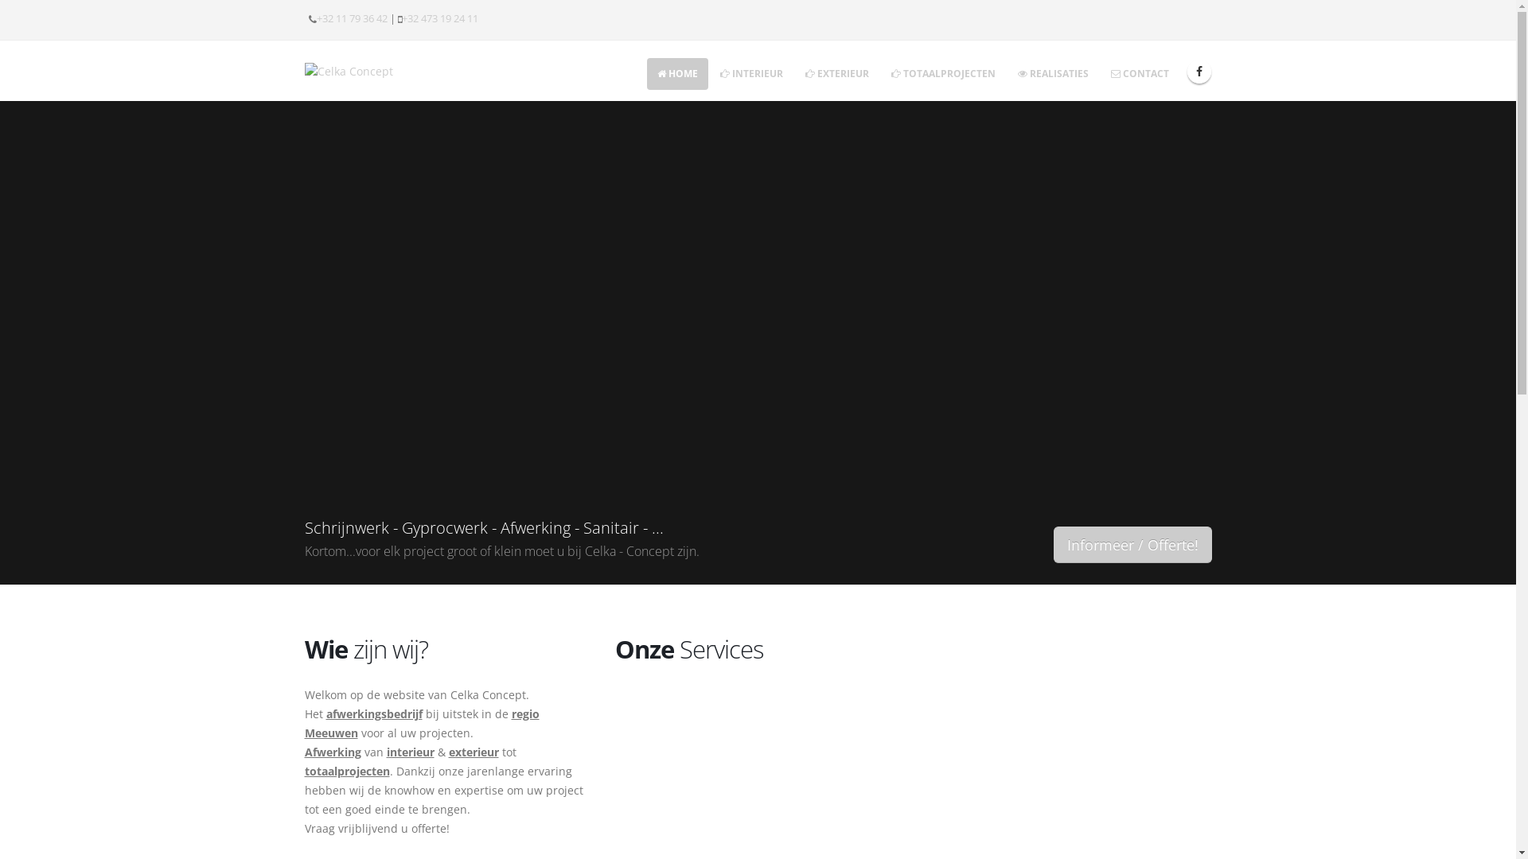 This screenshot has height=859, width=1528. What do you see at coordinates (1138, 73) in the screenshot?
I see `'CONTACT'` at bounding box center [1138, 73].